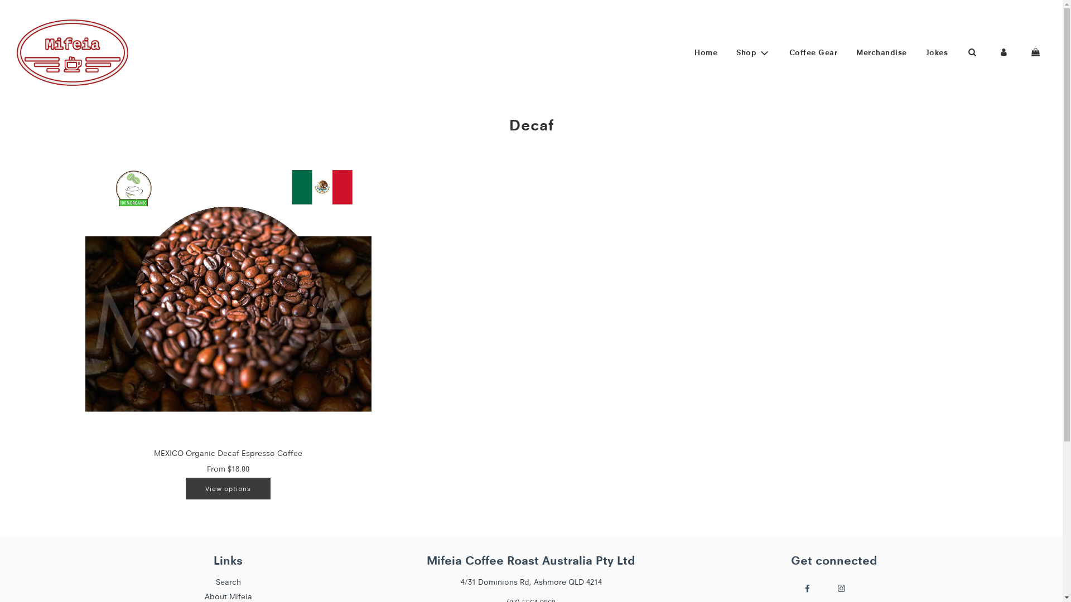  Describe the element at coordinates (204, 595) in the screenshot. I see `'About Mifeia'` at that location.